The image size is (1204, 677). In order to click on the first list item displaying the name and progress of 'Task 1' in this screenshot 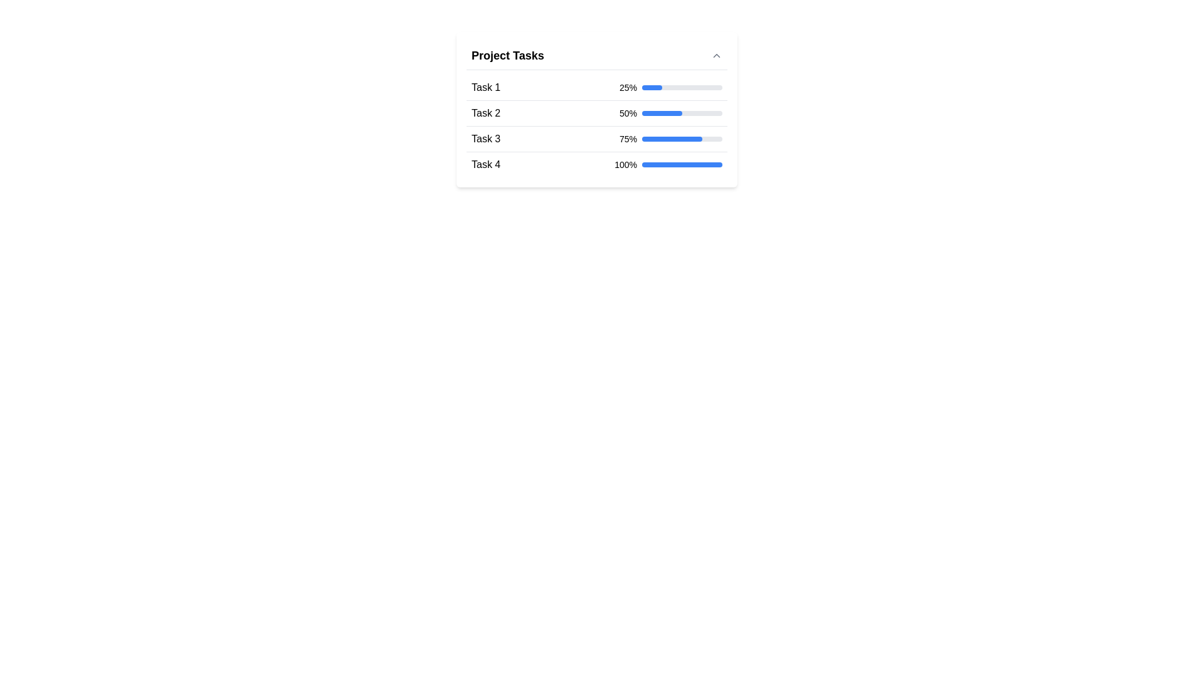, I will do `click(596, 87)`.